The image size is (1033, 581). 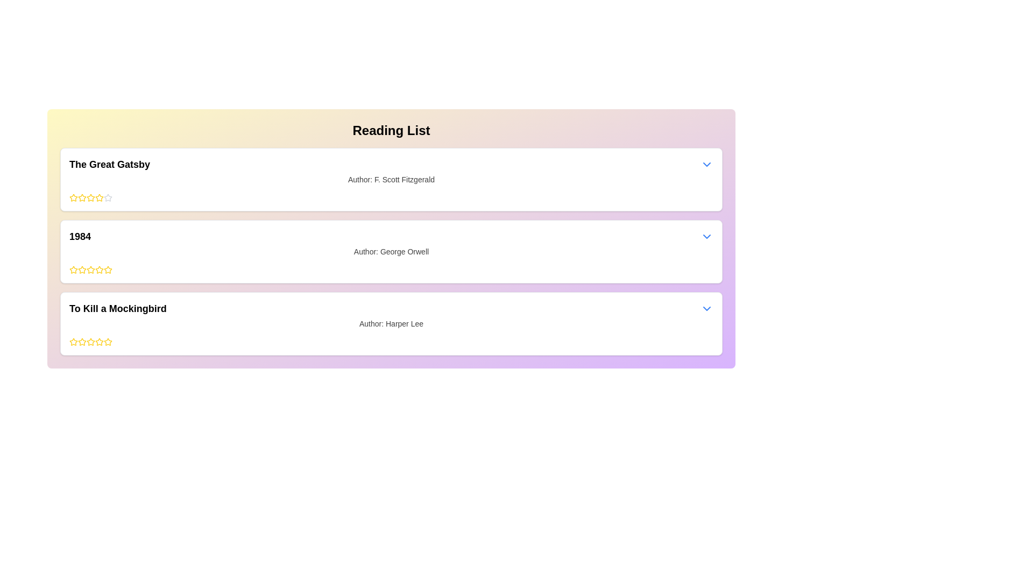 What do you see at coordinates (73, 197) in the screenshot?
I see `the first rating star icon located below the title 'The Great Gatsby' to indicate the first level of rating` at bounding box center [73, 197].